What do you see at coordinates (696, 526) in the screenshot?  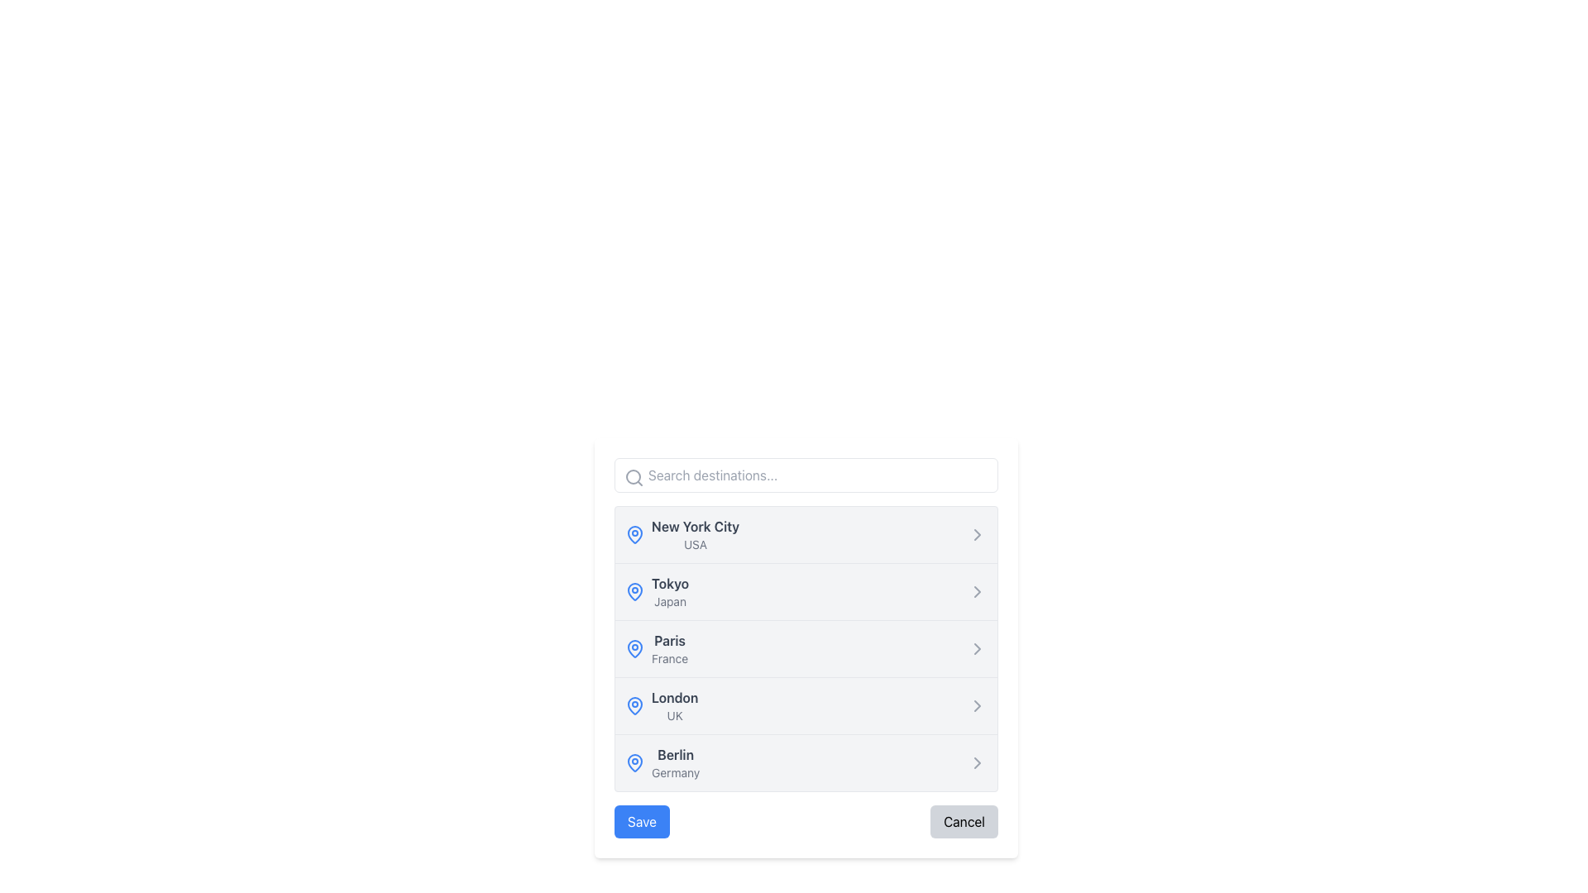 I see `the text label representing the name of a destination in the selectable list, located above 'USA' and to the right of the location icon` at bounding box center [696, 526].